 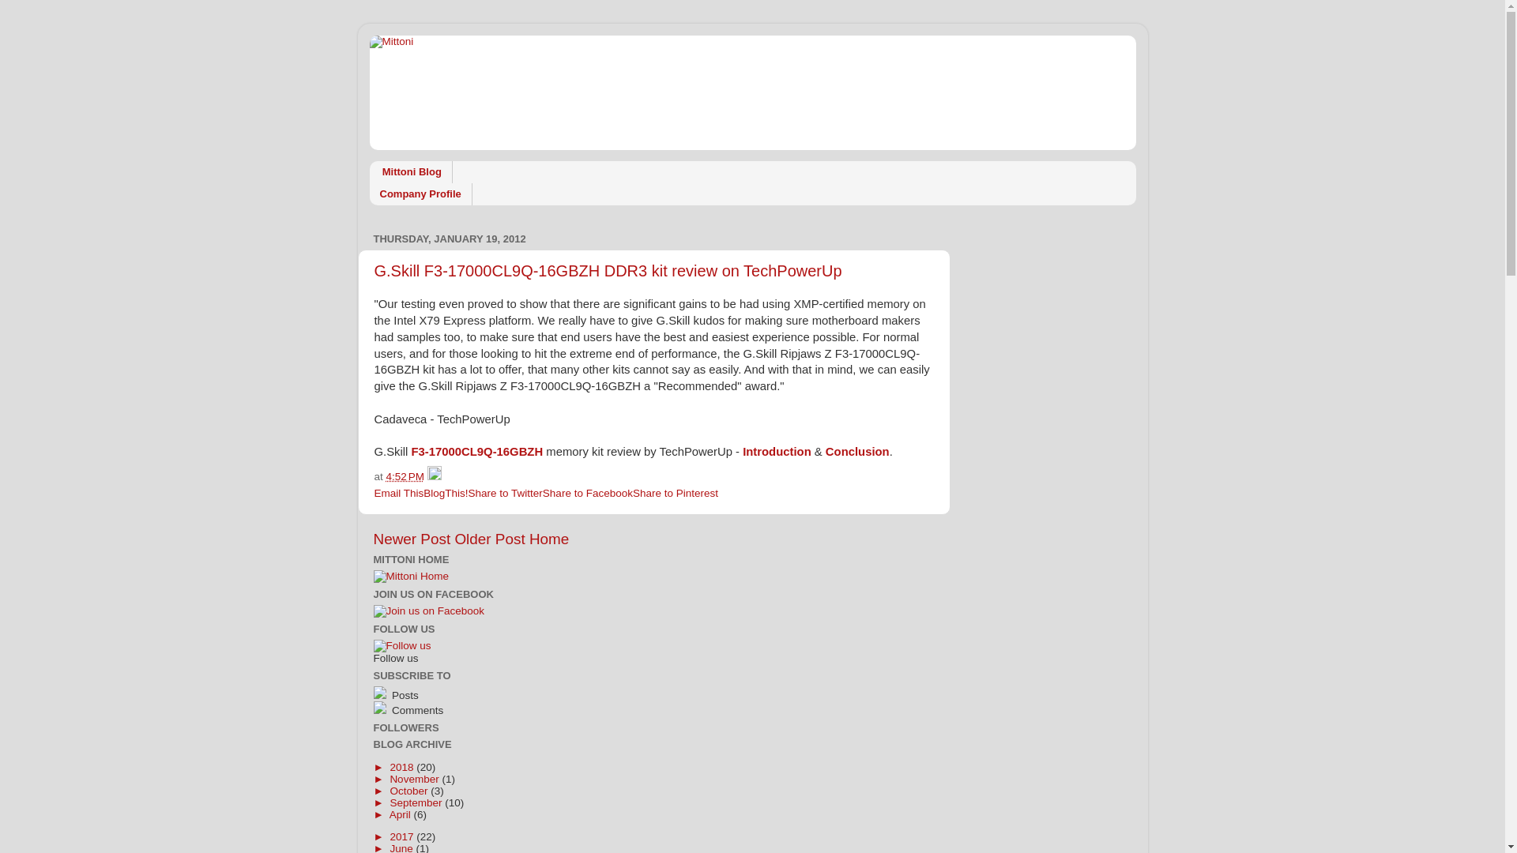 I want to click on 'Company Profile', so click(x=368, y=194).